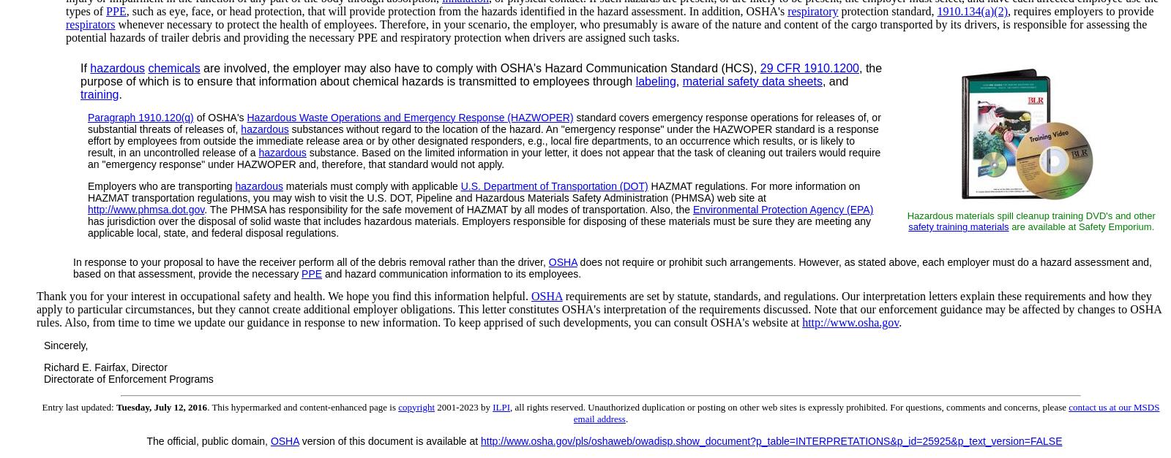  What do you see at coordinates (434, 406) in the screenshot?
I see `'2001-2023 by'` at bounding box center [434, 406].